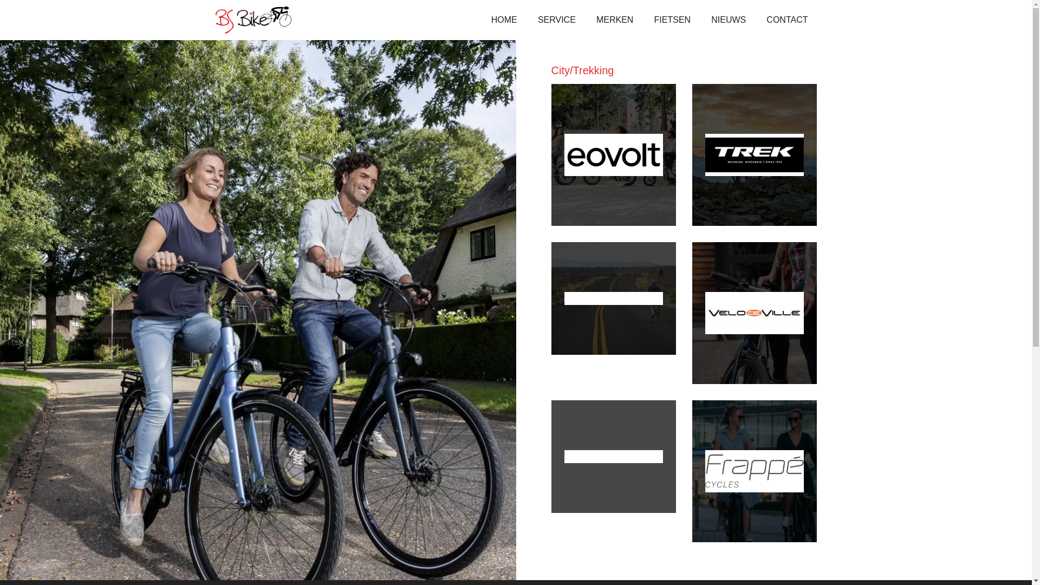 This screenshot has height=585, width=1040. What do you see at coordinates (556, 20) in the screenshot?
I see `'SERVICE'` at bounding box center [556, 20].